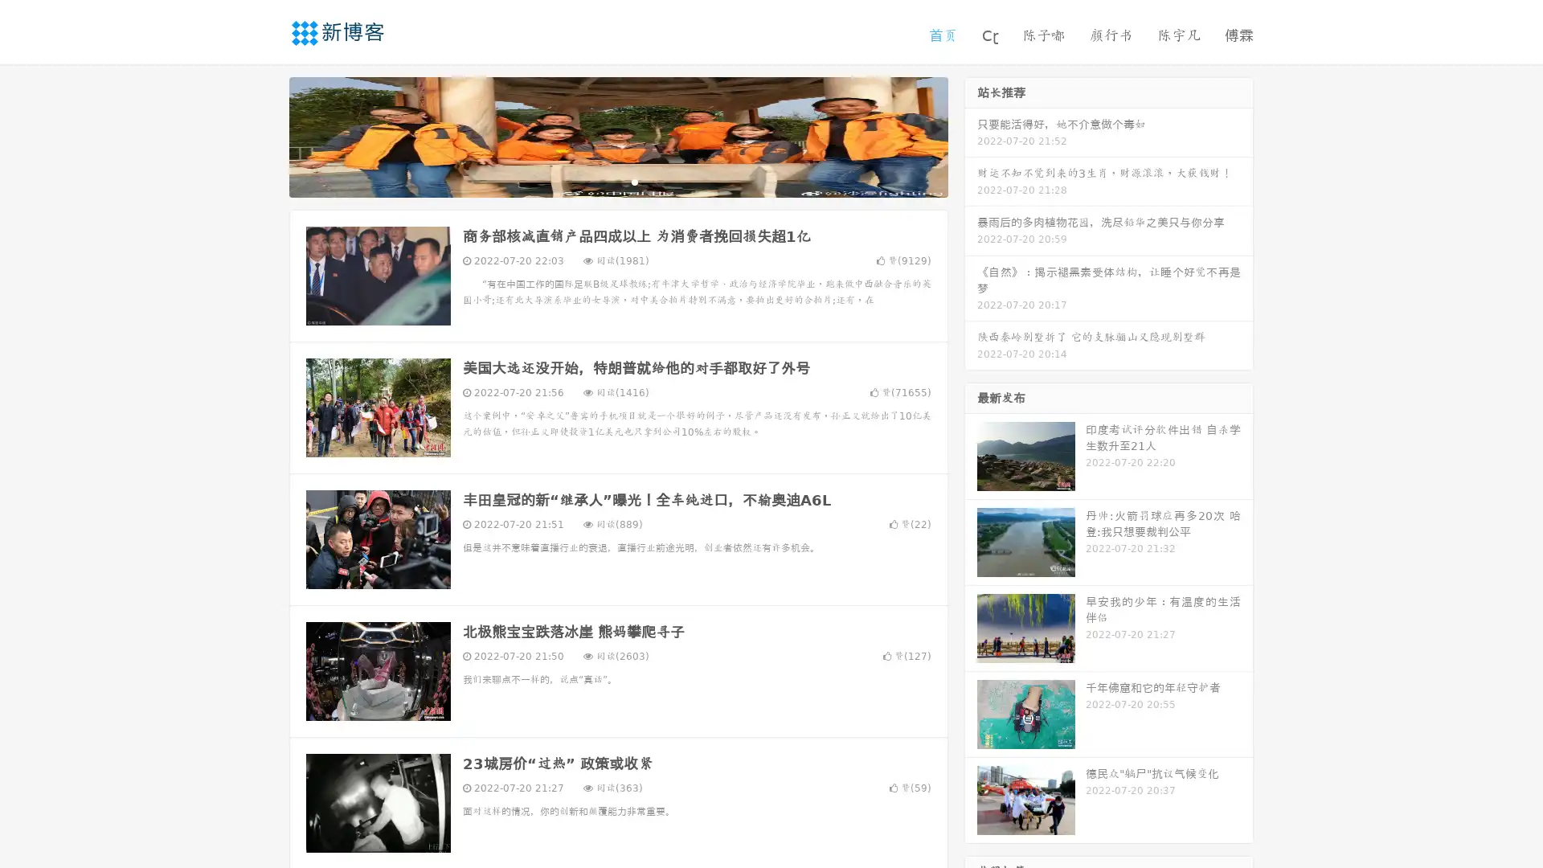  I want to click on Previous slide, so click(265, 135).